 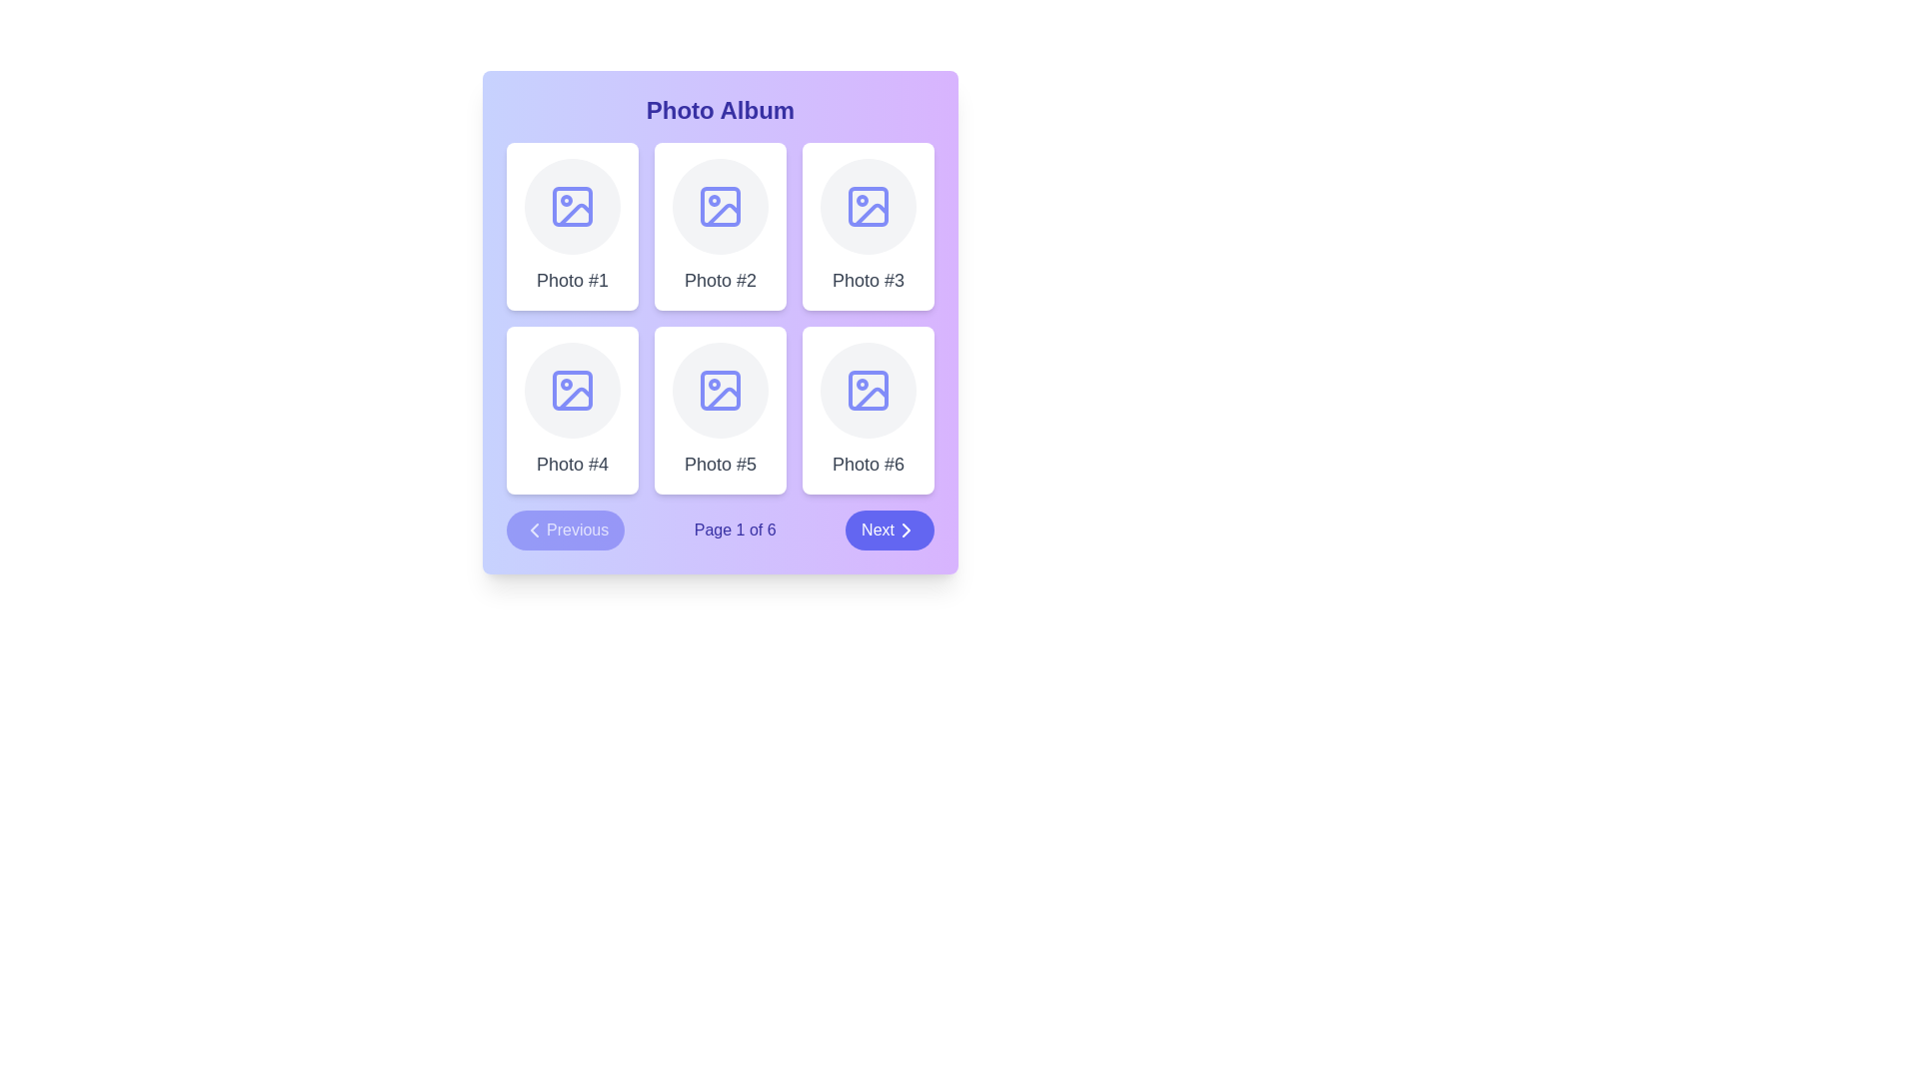 What do you see at coordinates (906, 530) in the screenshot?
I see `the rightward chevron arrow icon that is part of the 'Next' button located in the bottom-right corner of the Photo Album UI` at bounding box center [906, 530].